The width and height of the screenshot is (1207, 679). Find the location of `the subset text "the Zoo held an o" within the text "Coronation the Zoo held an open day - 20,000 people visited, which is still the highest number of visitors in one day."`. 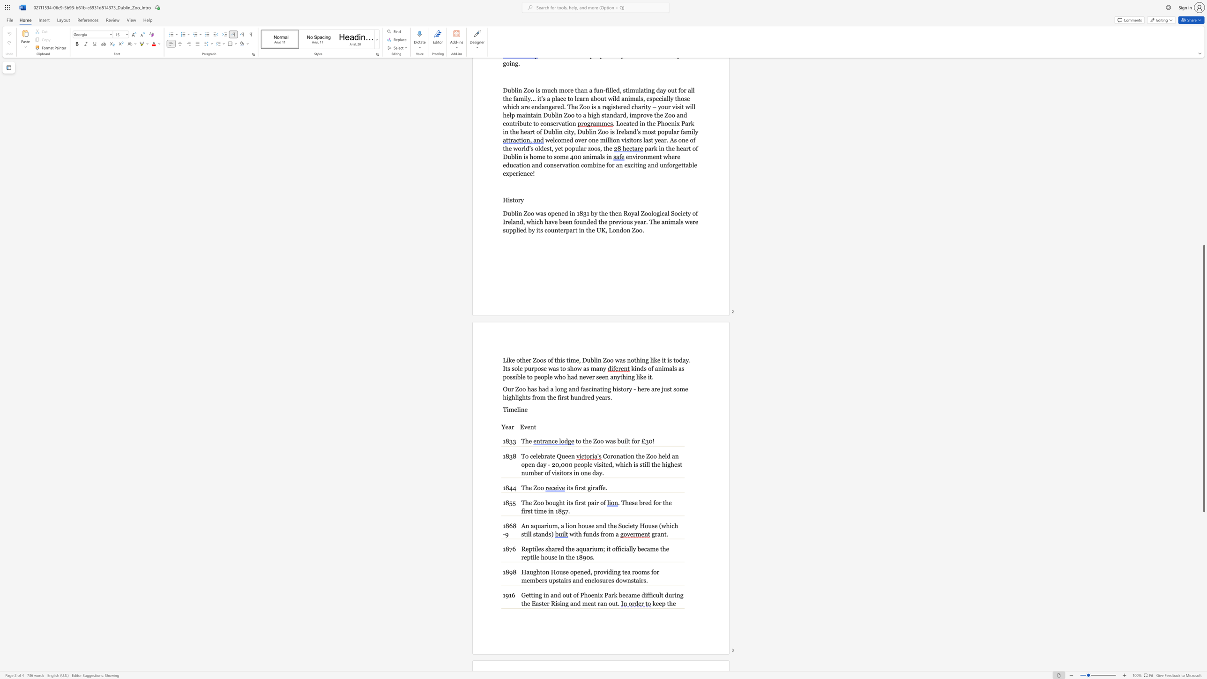

the subset text "the Zoo held an o" within the text "Coronation the Zoo held an open day - 20,000 people visited, which is still the highest number of visitors in one day." is located at coordinates (635, 455).